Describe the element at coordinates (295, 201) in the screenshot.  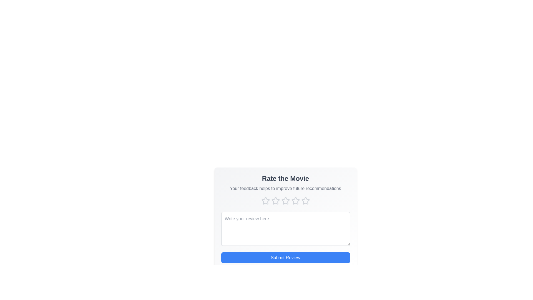
I see `the fourth star in the star rating icon row` at that location.